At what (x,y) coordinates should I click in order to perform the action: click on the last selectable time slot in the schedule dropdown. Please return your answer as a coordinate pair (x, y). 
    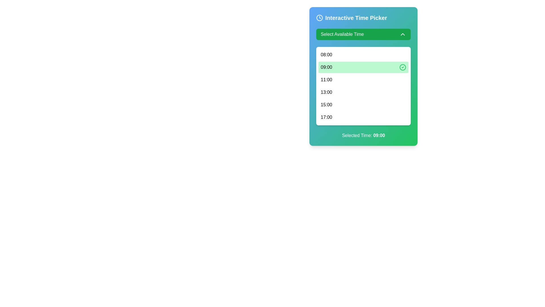
    Looking at the image, I should click on (363, 117).